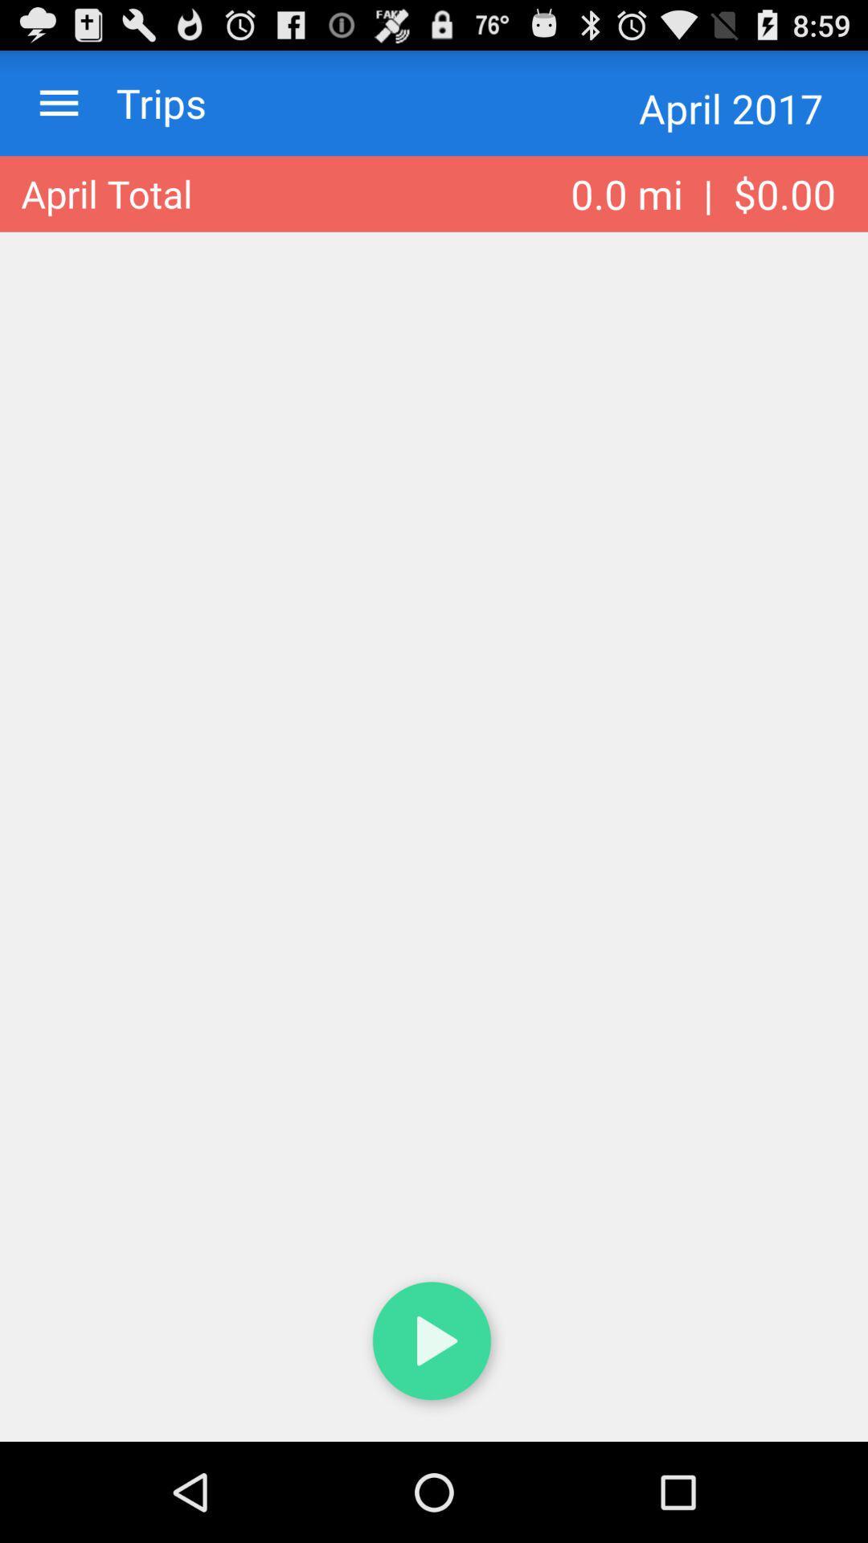  What do you see at coordinates (145, 102) in the screenshot?
I see `checkbox to the left of the april 2017 checkbox` at bounding box center [145, 102].